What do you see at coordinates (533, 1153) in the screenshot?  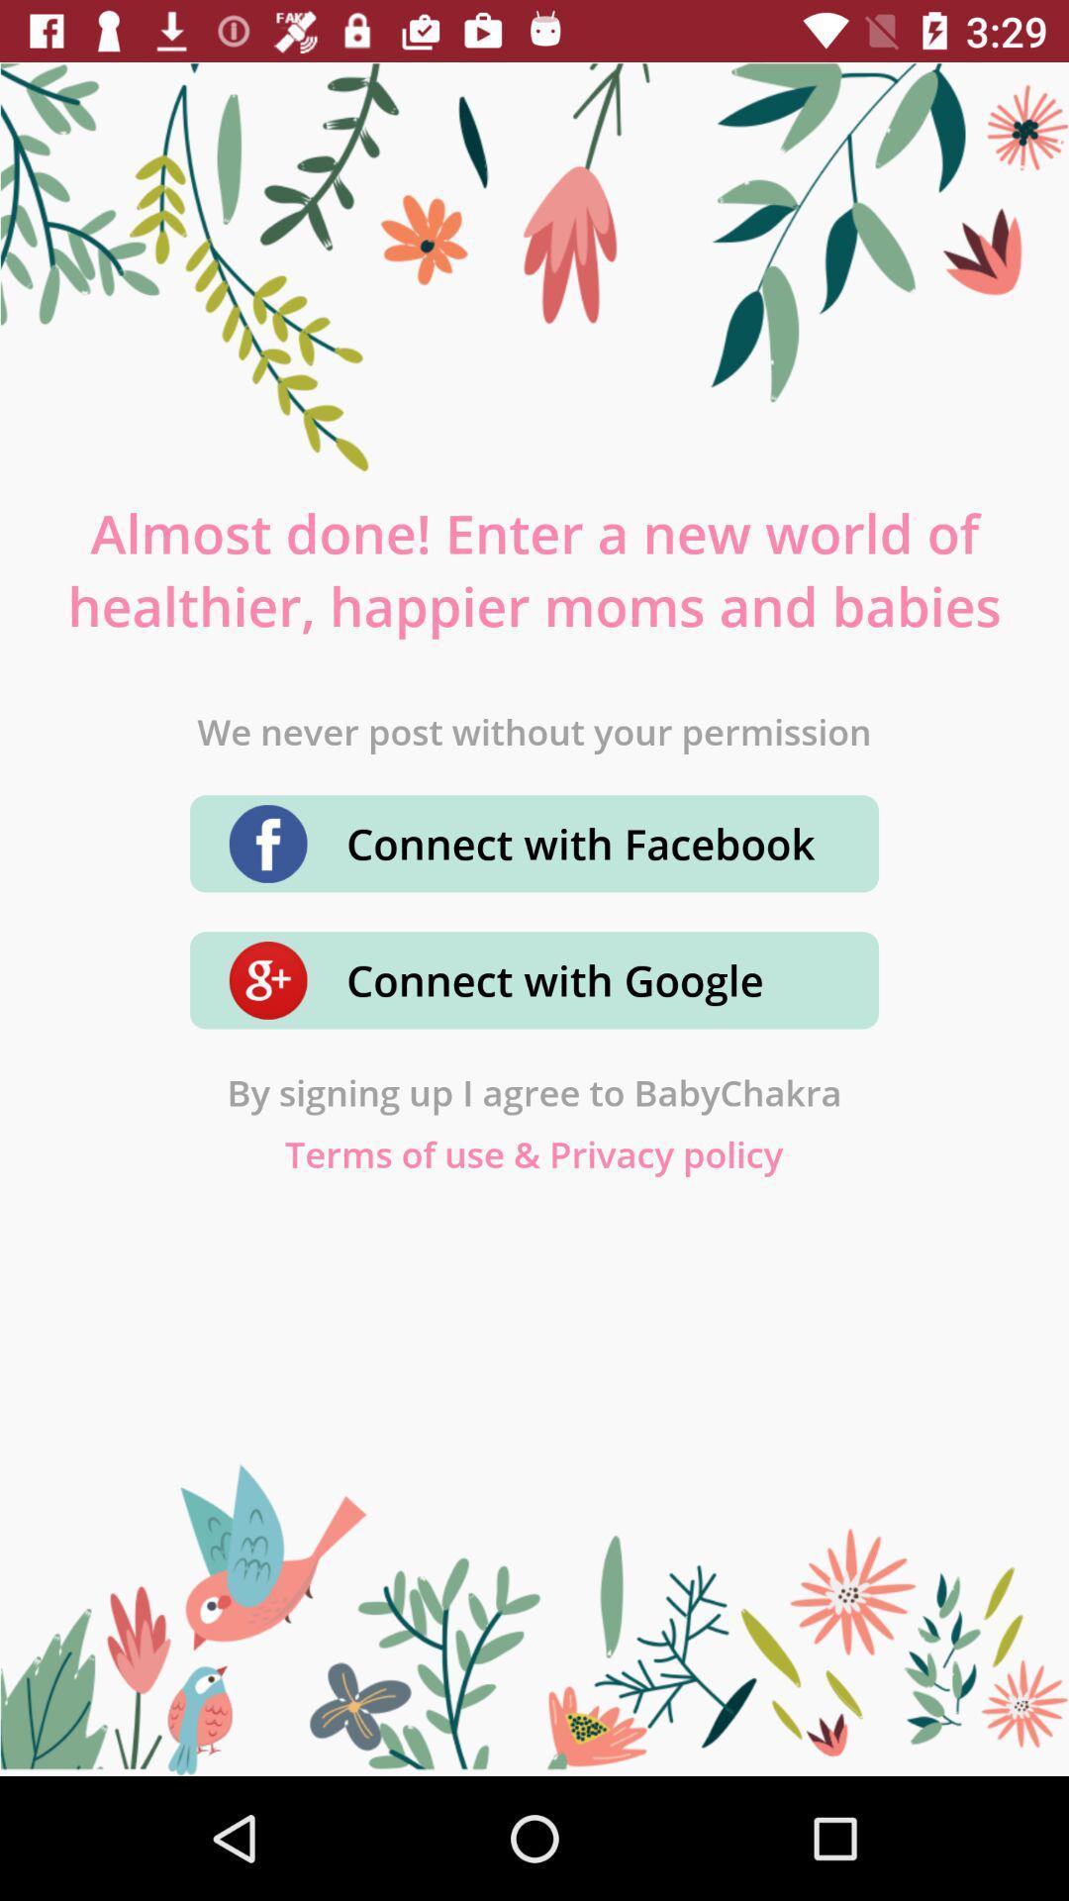 I see `the terms of use` at bounding box center [533, 1153].